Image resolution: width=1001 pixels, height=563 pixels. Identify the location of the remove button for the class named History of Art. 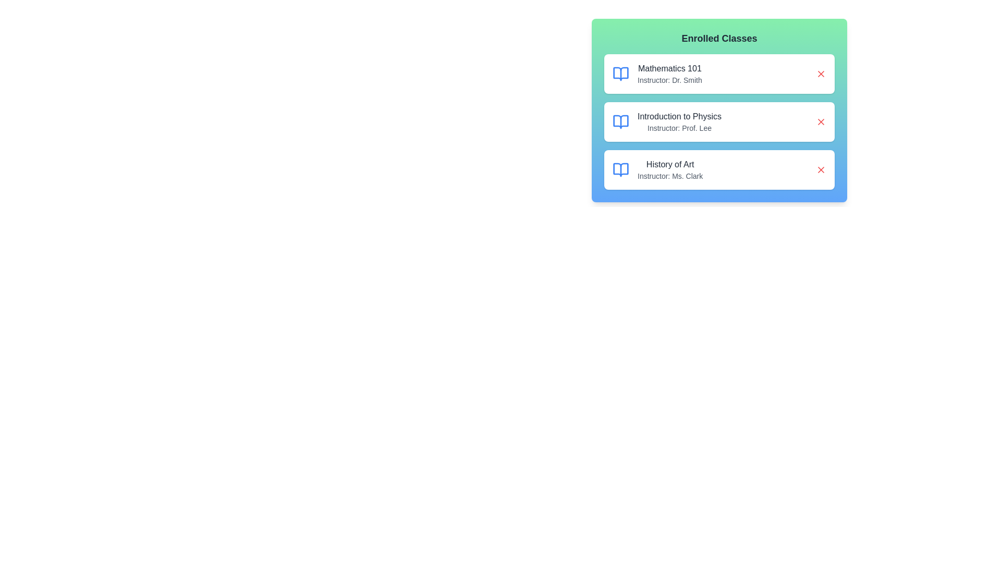
(820, 169).